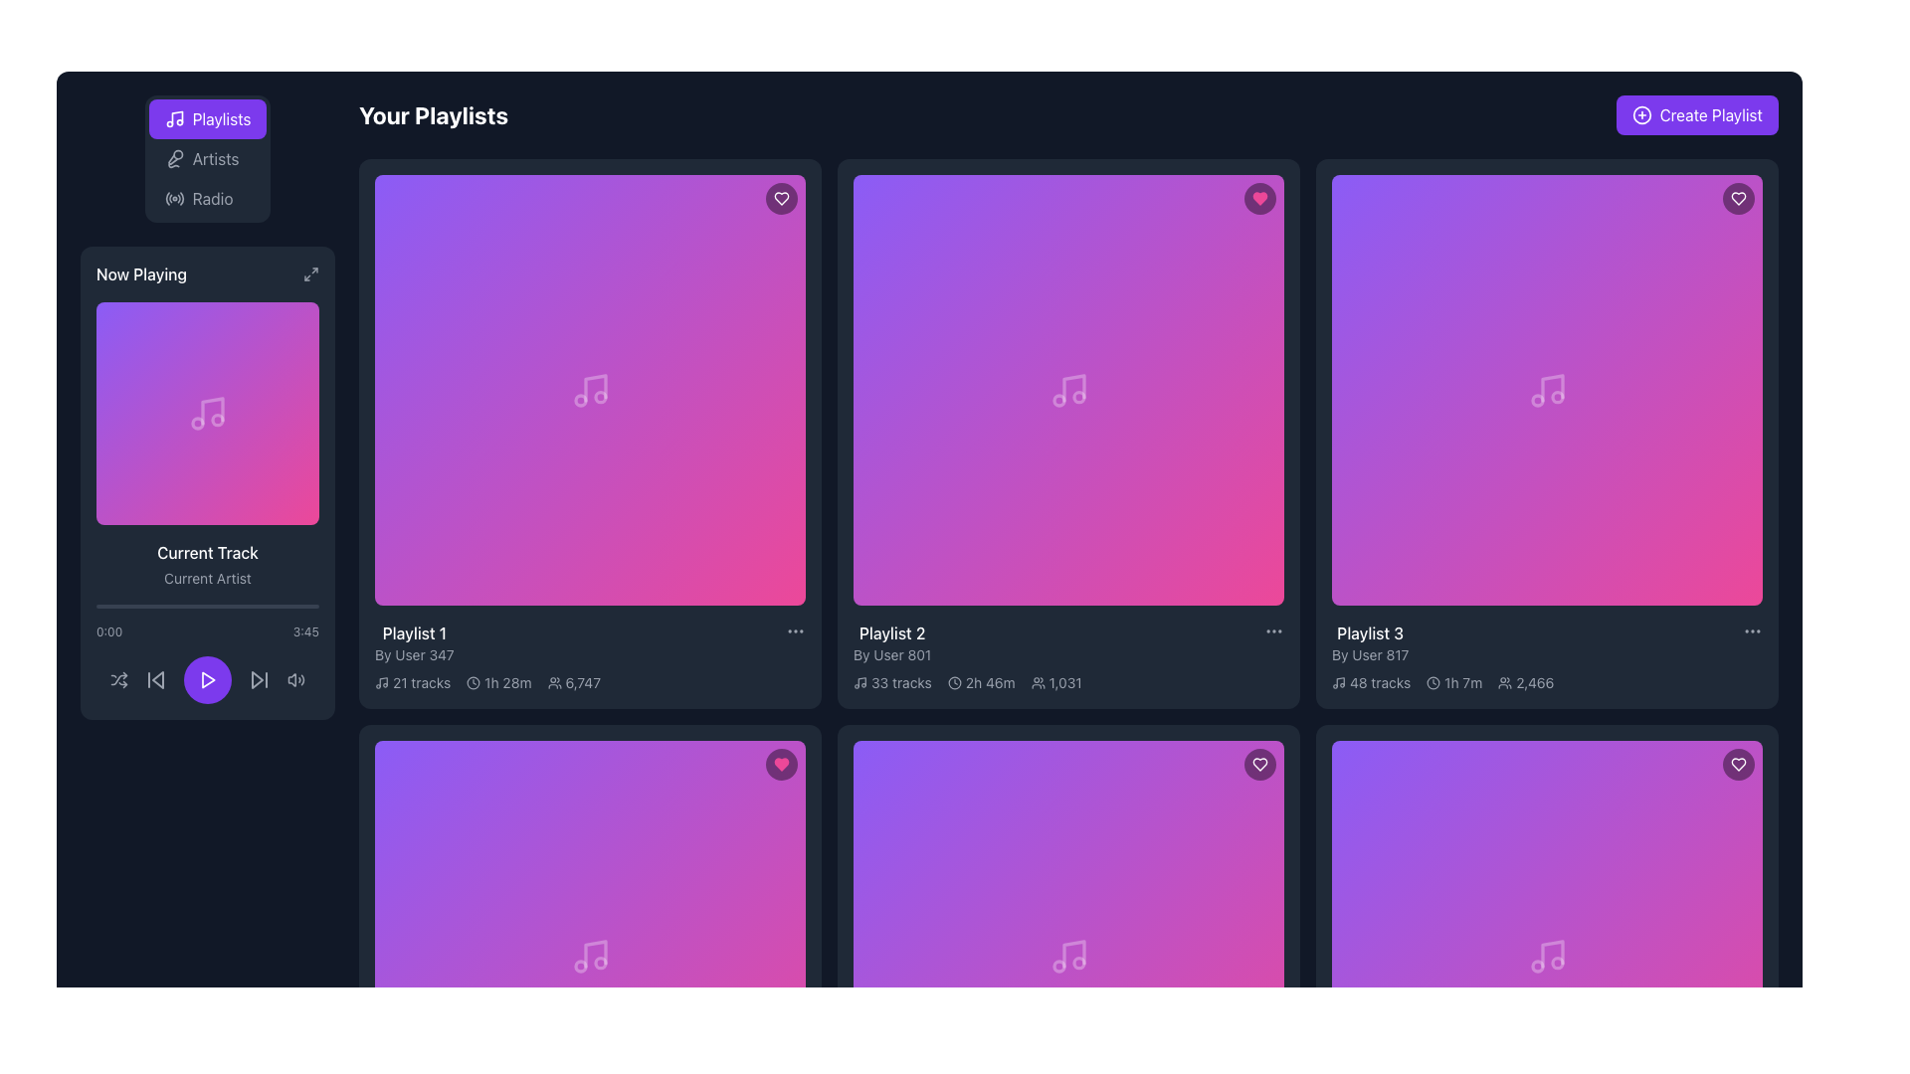 This screenshot has height=1074, width=1910. Describe the element at coordinates (215, 157) in the screenshot. I see `the 'Artists' text label in the sidebar menu, which is positioned below 'Playlists' and above 'Radio'` at that location.